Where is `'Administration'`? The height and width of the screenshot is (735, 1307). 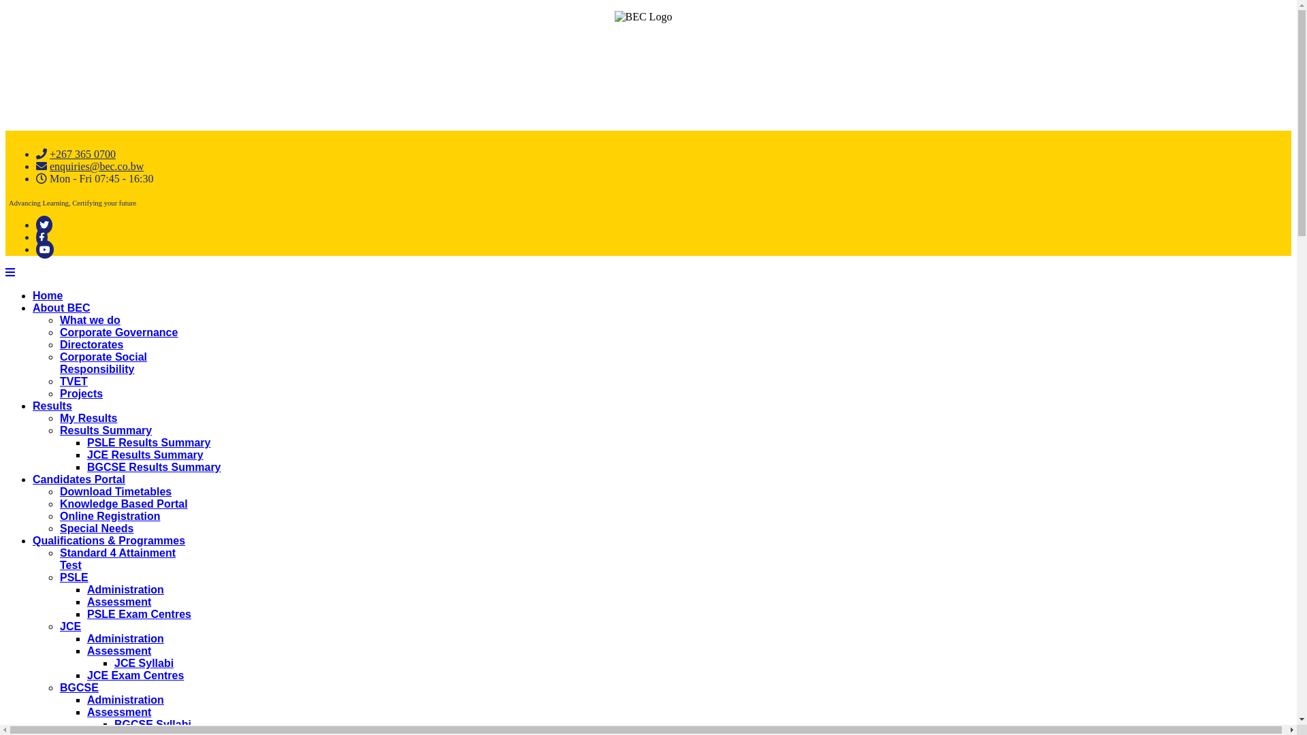
'Administration' is located at coordinates (86, 589).